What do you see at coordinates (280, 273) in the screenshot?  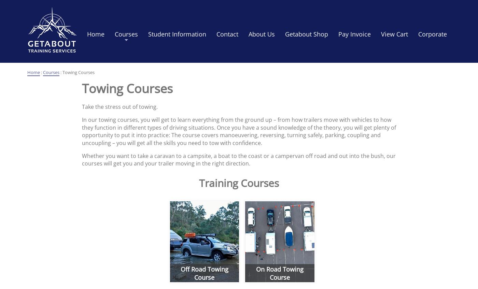 I see `'On Road Towing Course'` at bounding box center [280, 273].